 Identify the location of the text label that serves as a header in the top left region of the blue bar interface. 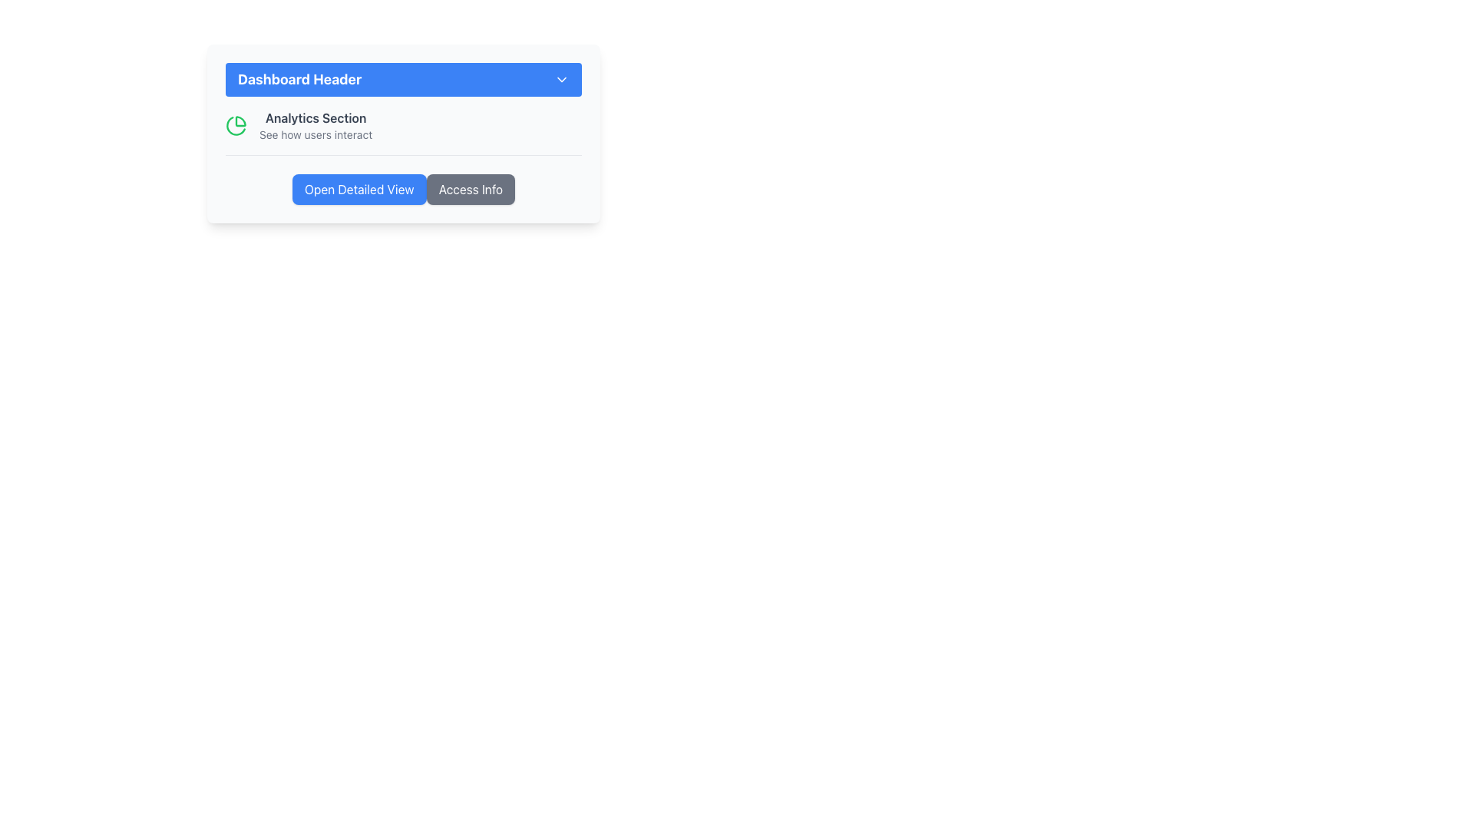
(299, 80).